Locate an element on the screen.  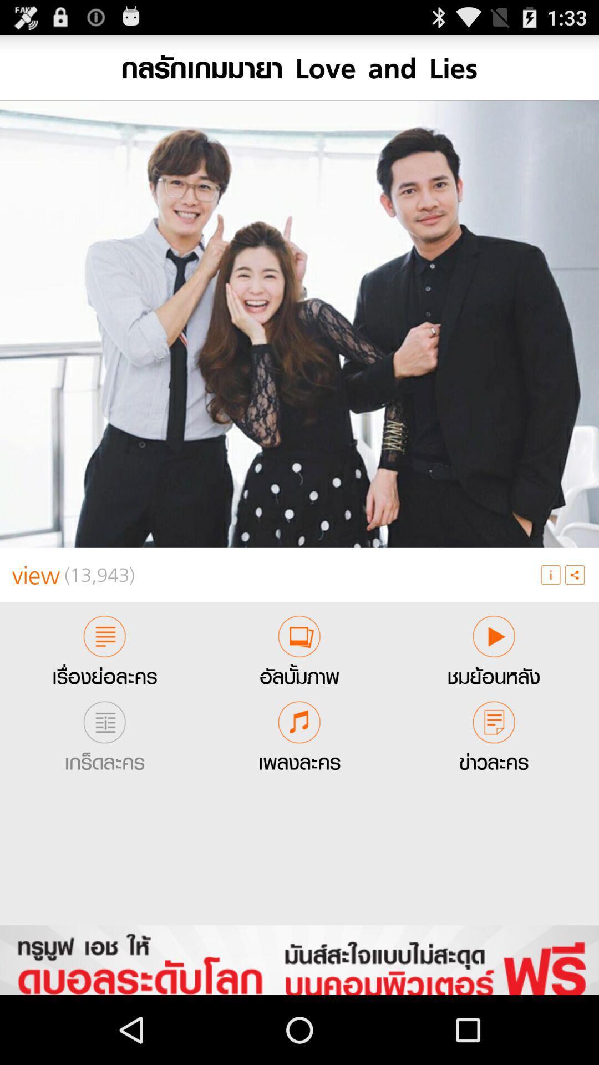
the share icon is located at coordinates (574, 615).